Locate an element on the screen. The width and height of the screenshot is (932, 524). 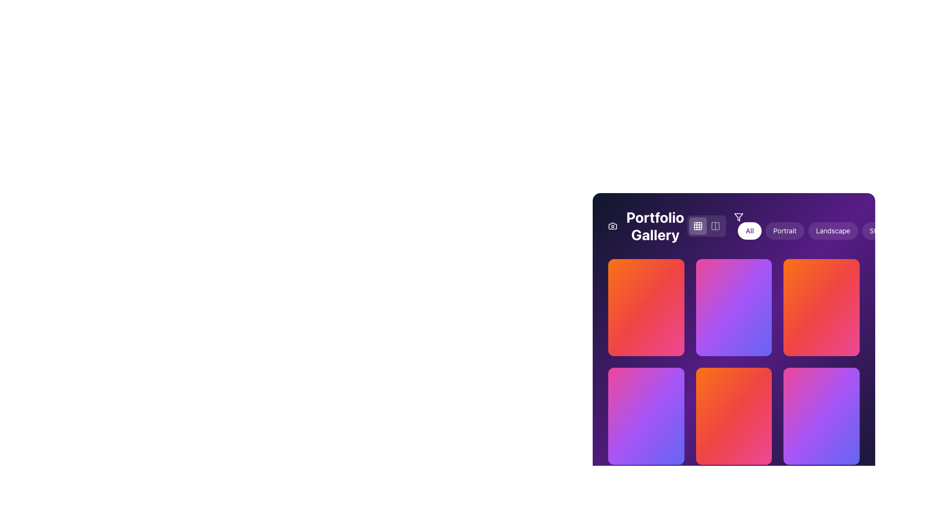
the circular button with a share icon located at the bottom right corner of the second tile in the second row of a 3x2 grid is located at coordinates (770, 449).